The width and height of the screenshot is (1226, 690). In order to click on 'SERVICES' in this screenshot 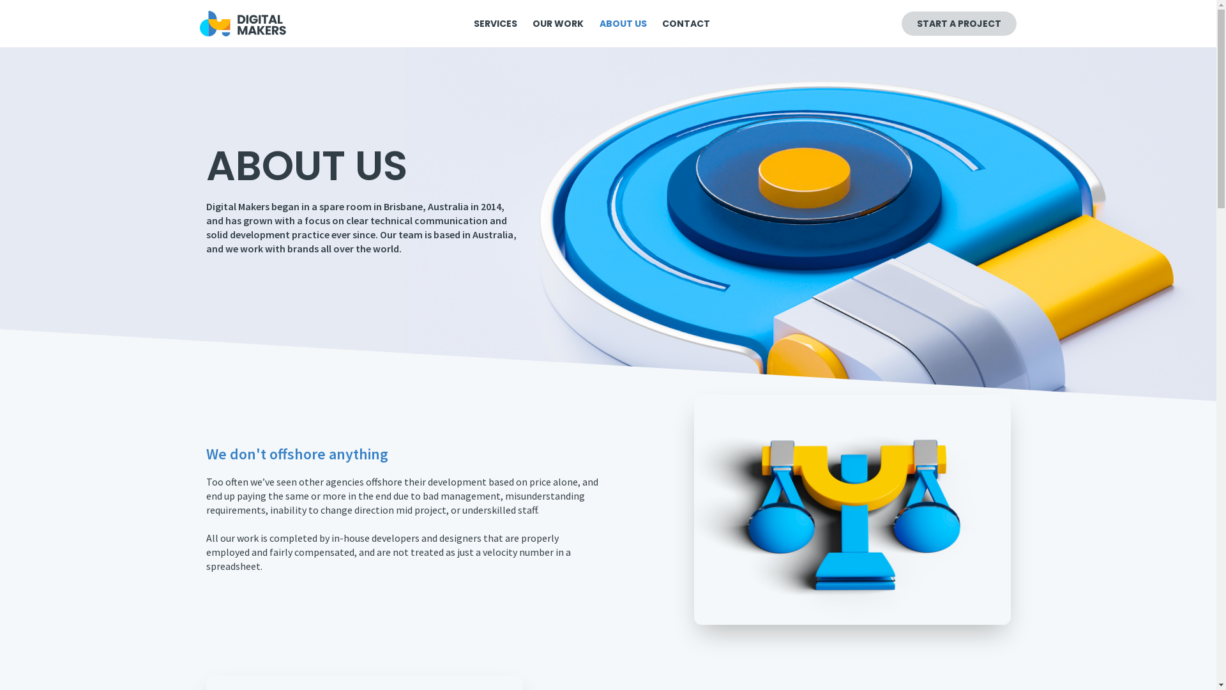, I will do `click(470, 24)`.